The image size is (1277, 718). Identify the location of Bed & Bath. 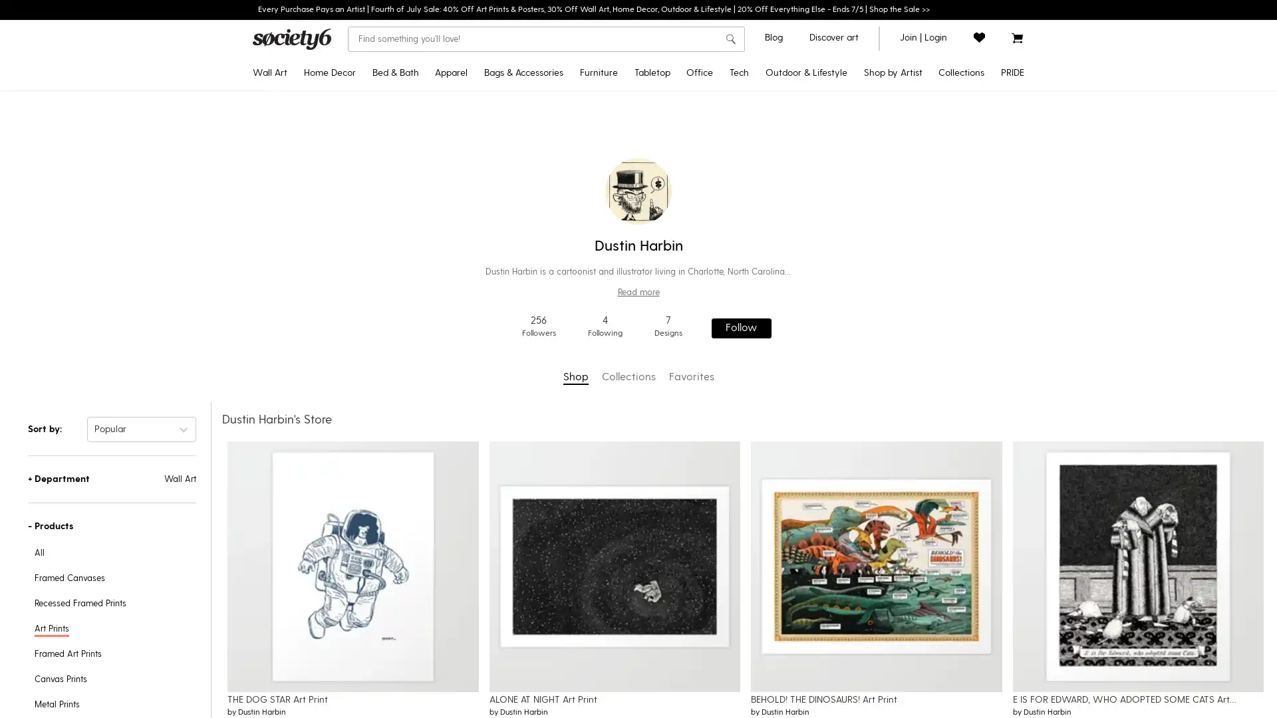
(394, 73).